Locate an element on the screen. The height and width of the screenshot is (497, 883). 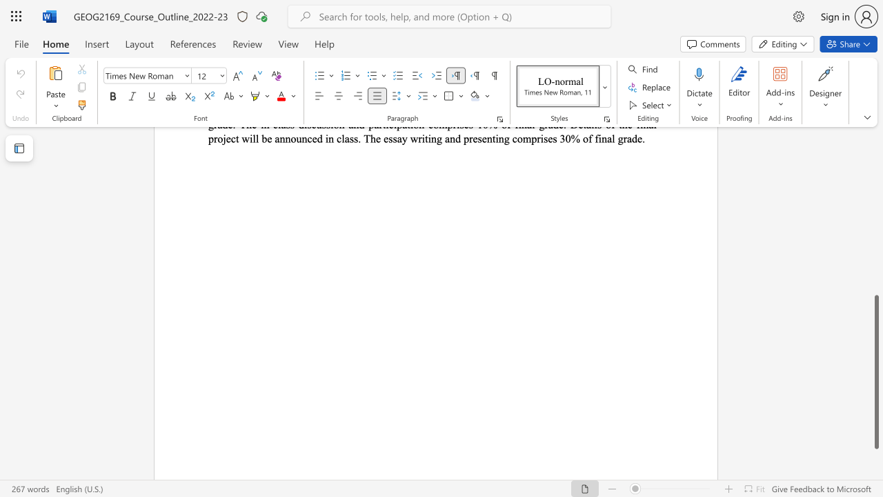
the scrollbar and move up 380 pixels is located at coordinates (875, 371).